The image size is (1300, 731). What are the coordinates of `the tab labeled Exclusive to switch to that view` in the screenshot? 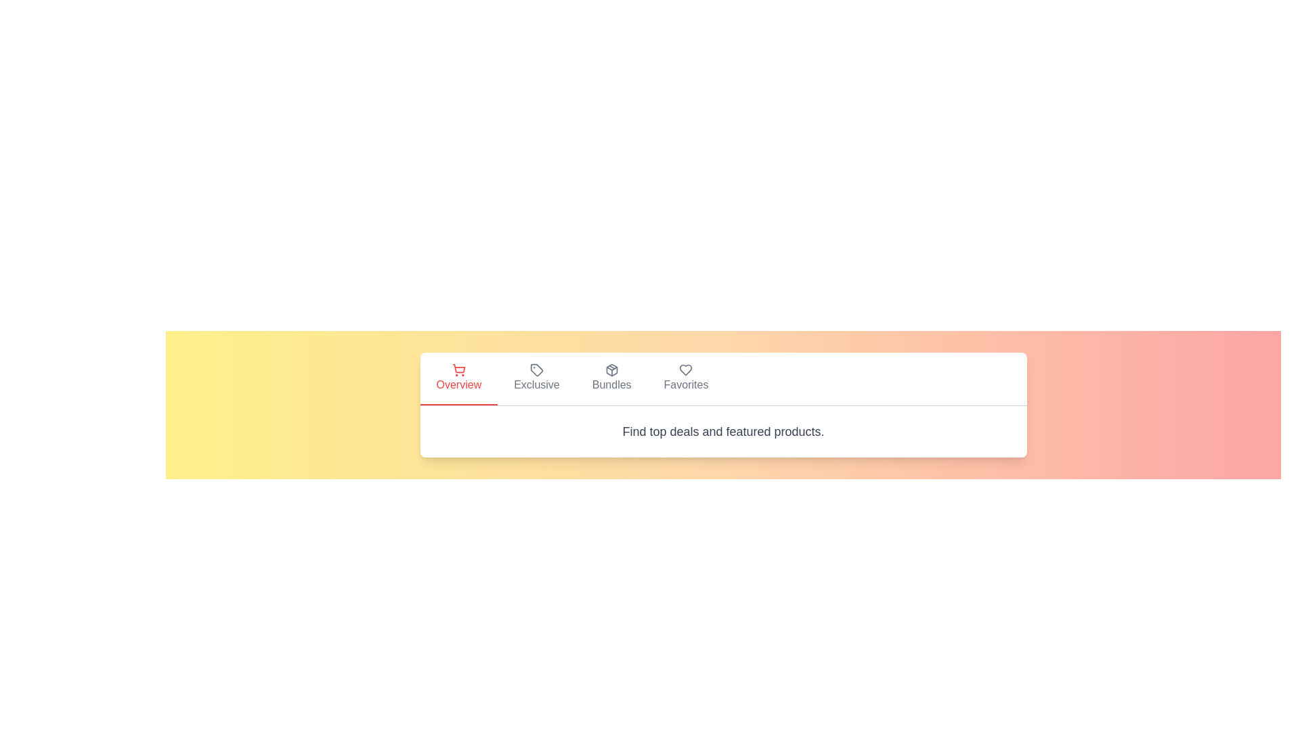 It's located at (536, 378).